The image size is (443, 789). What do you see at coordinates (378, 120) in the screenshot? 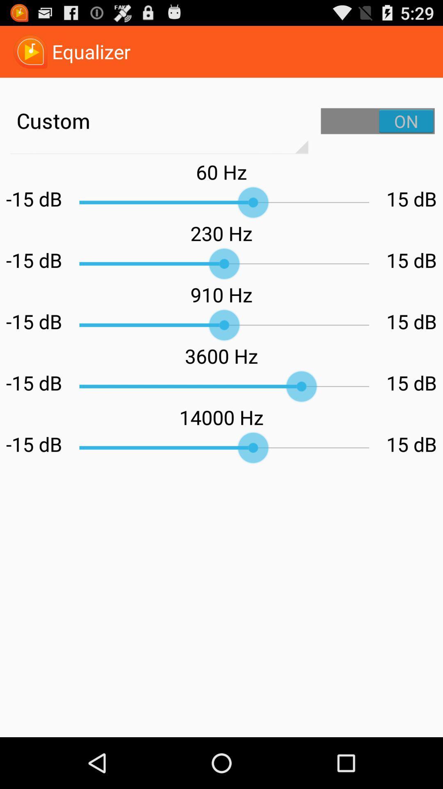
I see `the icon next to custom icon` at bounding box center [378, 120].